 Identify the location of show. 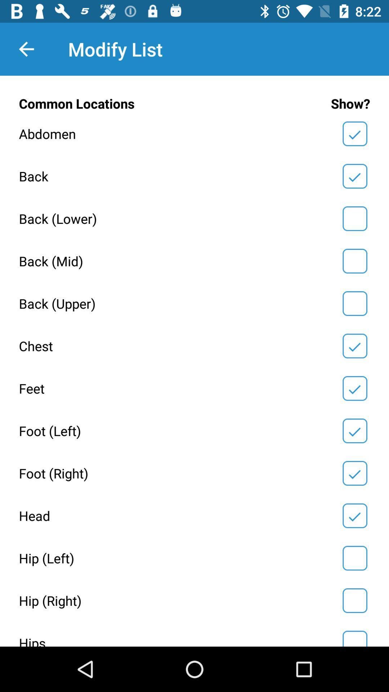
(354, 261).